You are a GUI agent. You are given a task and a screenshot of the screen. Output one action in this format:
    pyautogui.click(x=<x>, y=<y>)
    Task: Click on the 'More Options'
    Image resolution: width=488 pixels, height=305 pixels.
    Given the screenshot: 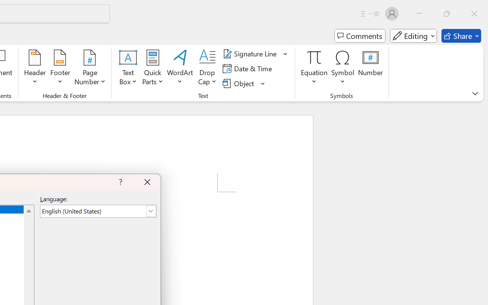 What is the action you would take?
    pyautogui.click(x=314, y=79)
    